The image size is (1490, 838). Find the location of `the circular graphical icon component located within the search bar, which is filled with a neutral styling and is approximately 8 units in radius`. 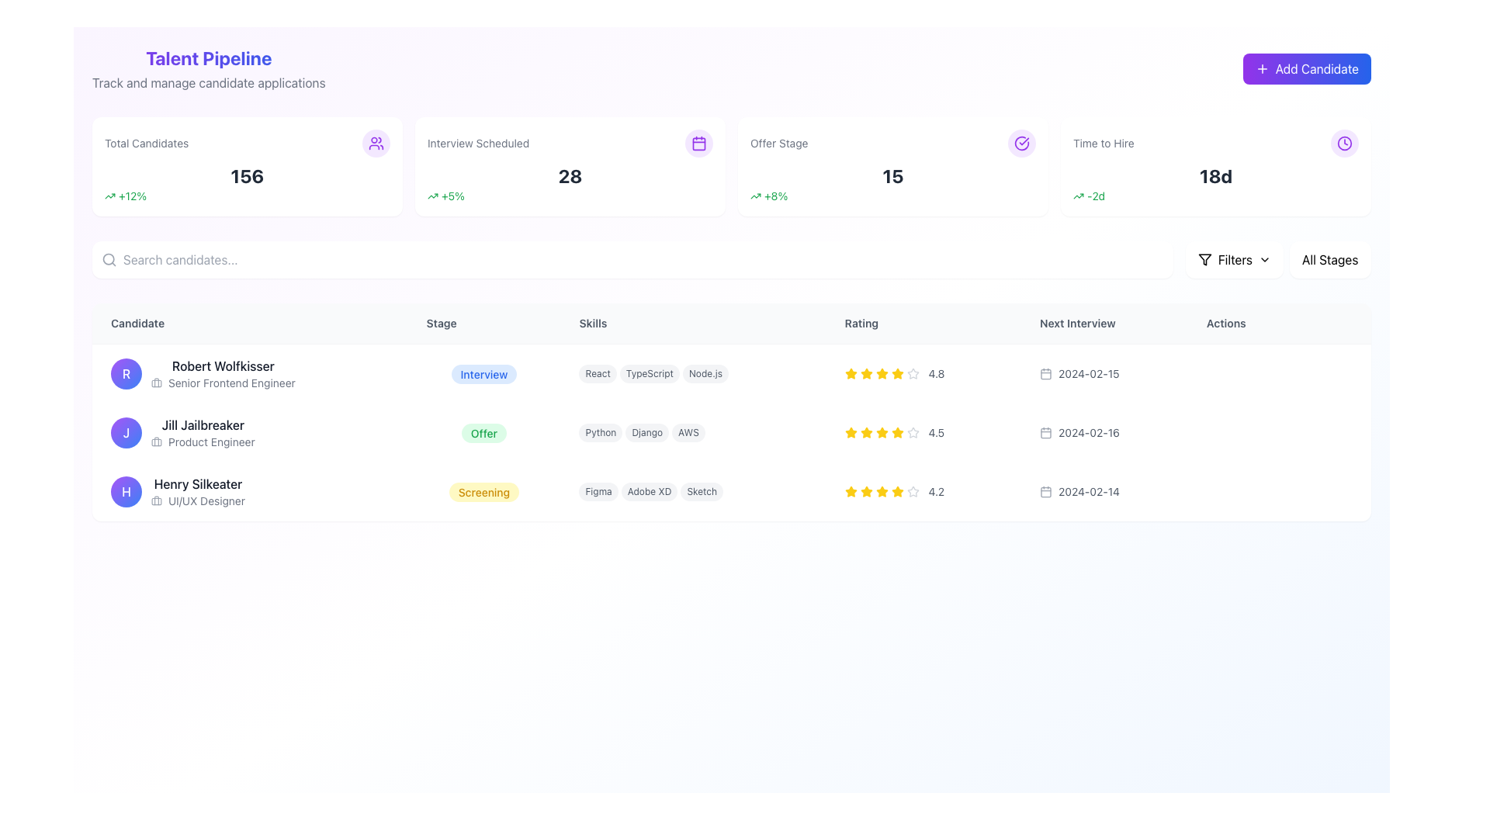

the circular graphical icon component located within the search bar, which is filled with a neutral styling and is approximately 8 units in radius is located at coordinates (108, 258).